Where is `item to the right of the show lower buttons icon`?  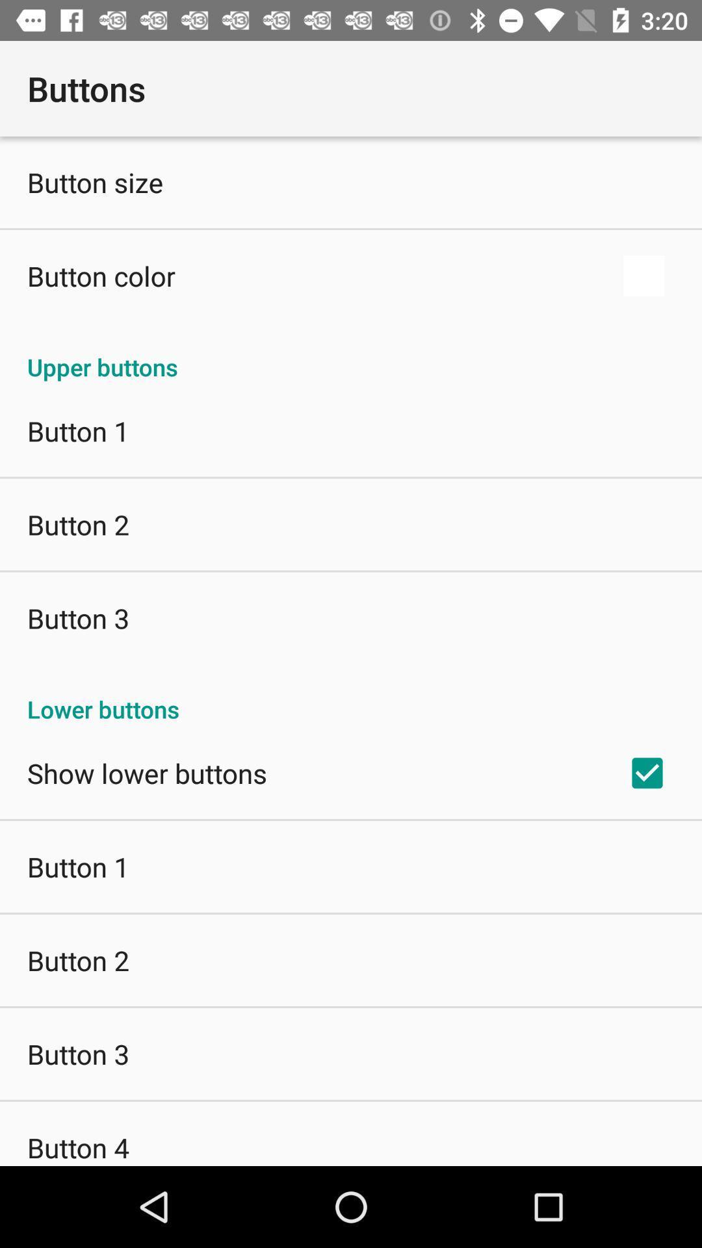 item to the right of the show lower buttons icon is located at coordinates (647, 773).